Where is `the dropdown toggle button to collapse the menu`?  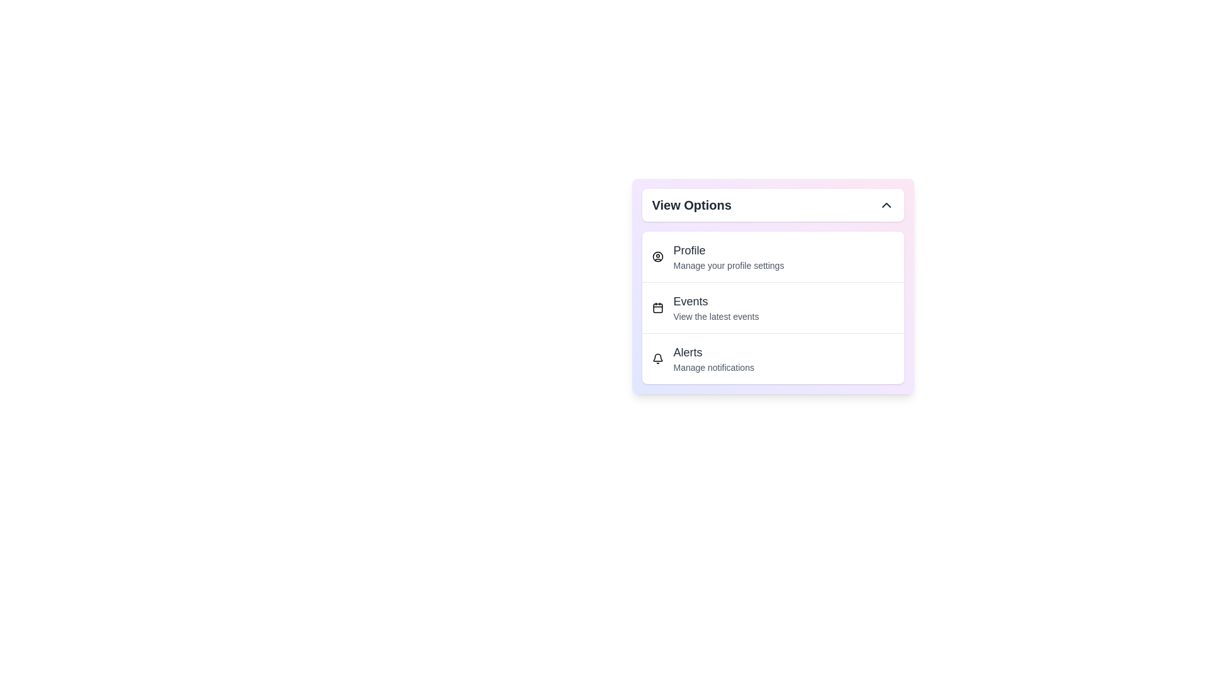 the dropdown toggle button to collapse the menu is located at coordinates (885, 205).